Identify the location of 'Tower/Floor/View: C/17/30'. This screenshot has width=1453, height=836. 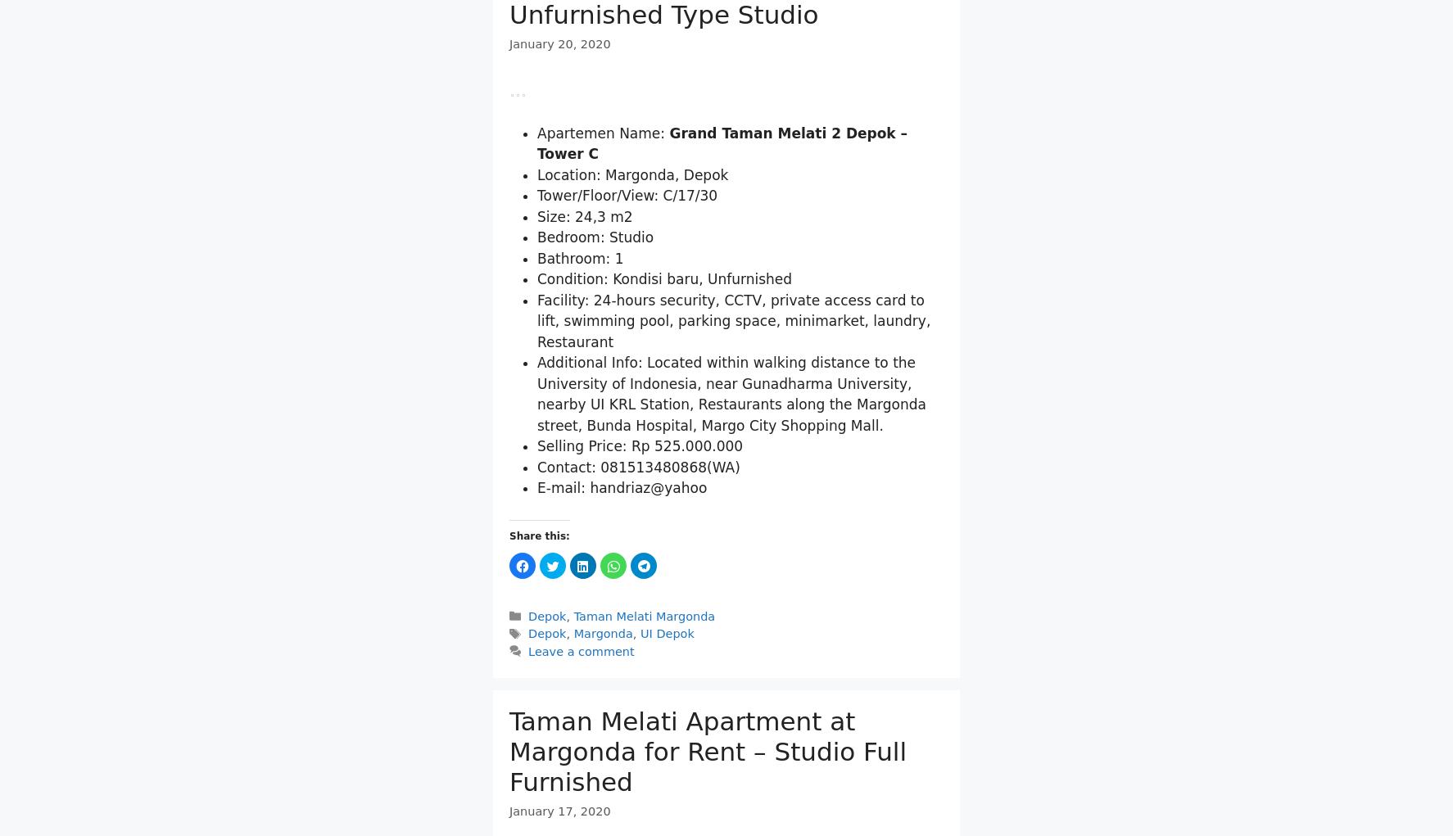
(537, 279).